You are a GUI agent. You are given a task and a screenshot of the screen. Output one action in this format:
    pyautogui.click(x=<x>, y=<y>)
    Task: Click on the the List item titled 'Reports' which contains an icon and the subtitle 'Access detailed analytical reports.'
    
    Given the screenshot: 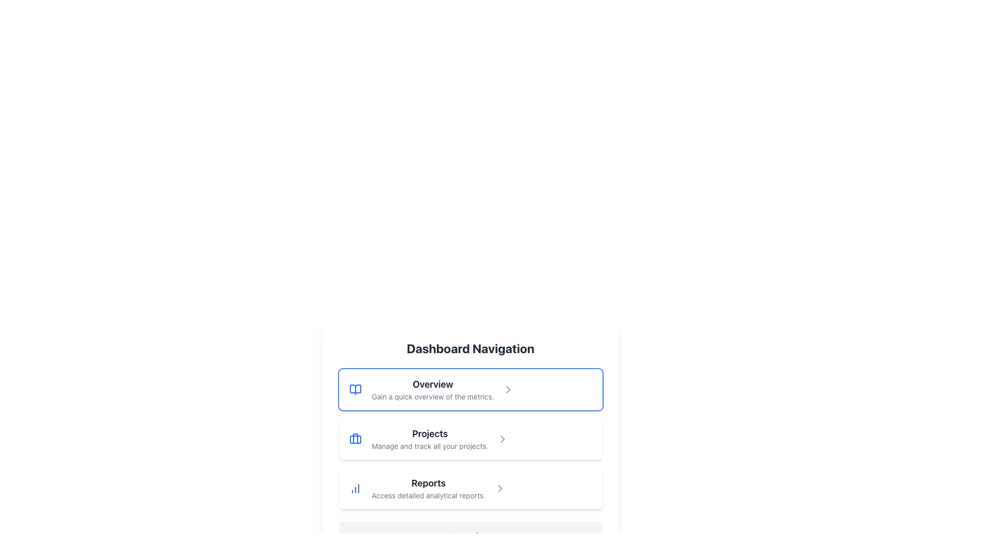 What is the action you would take?
    pyautogui.click(x=470, y=488)
    